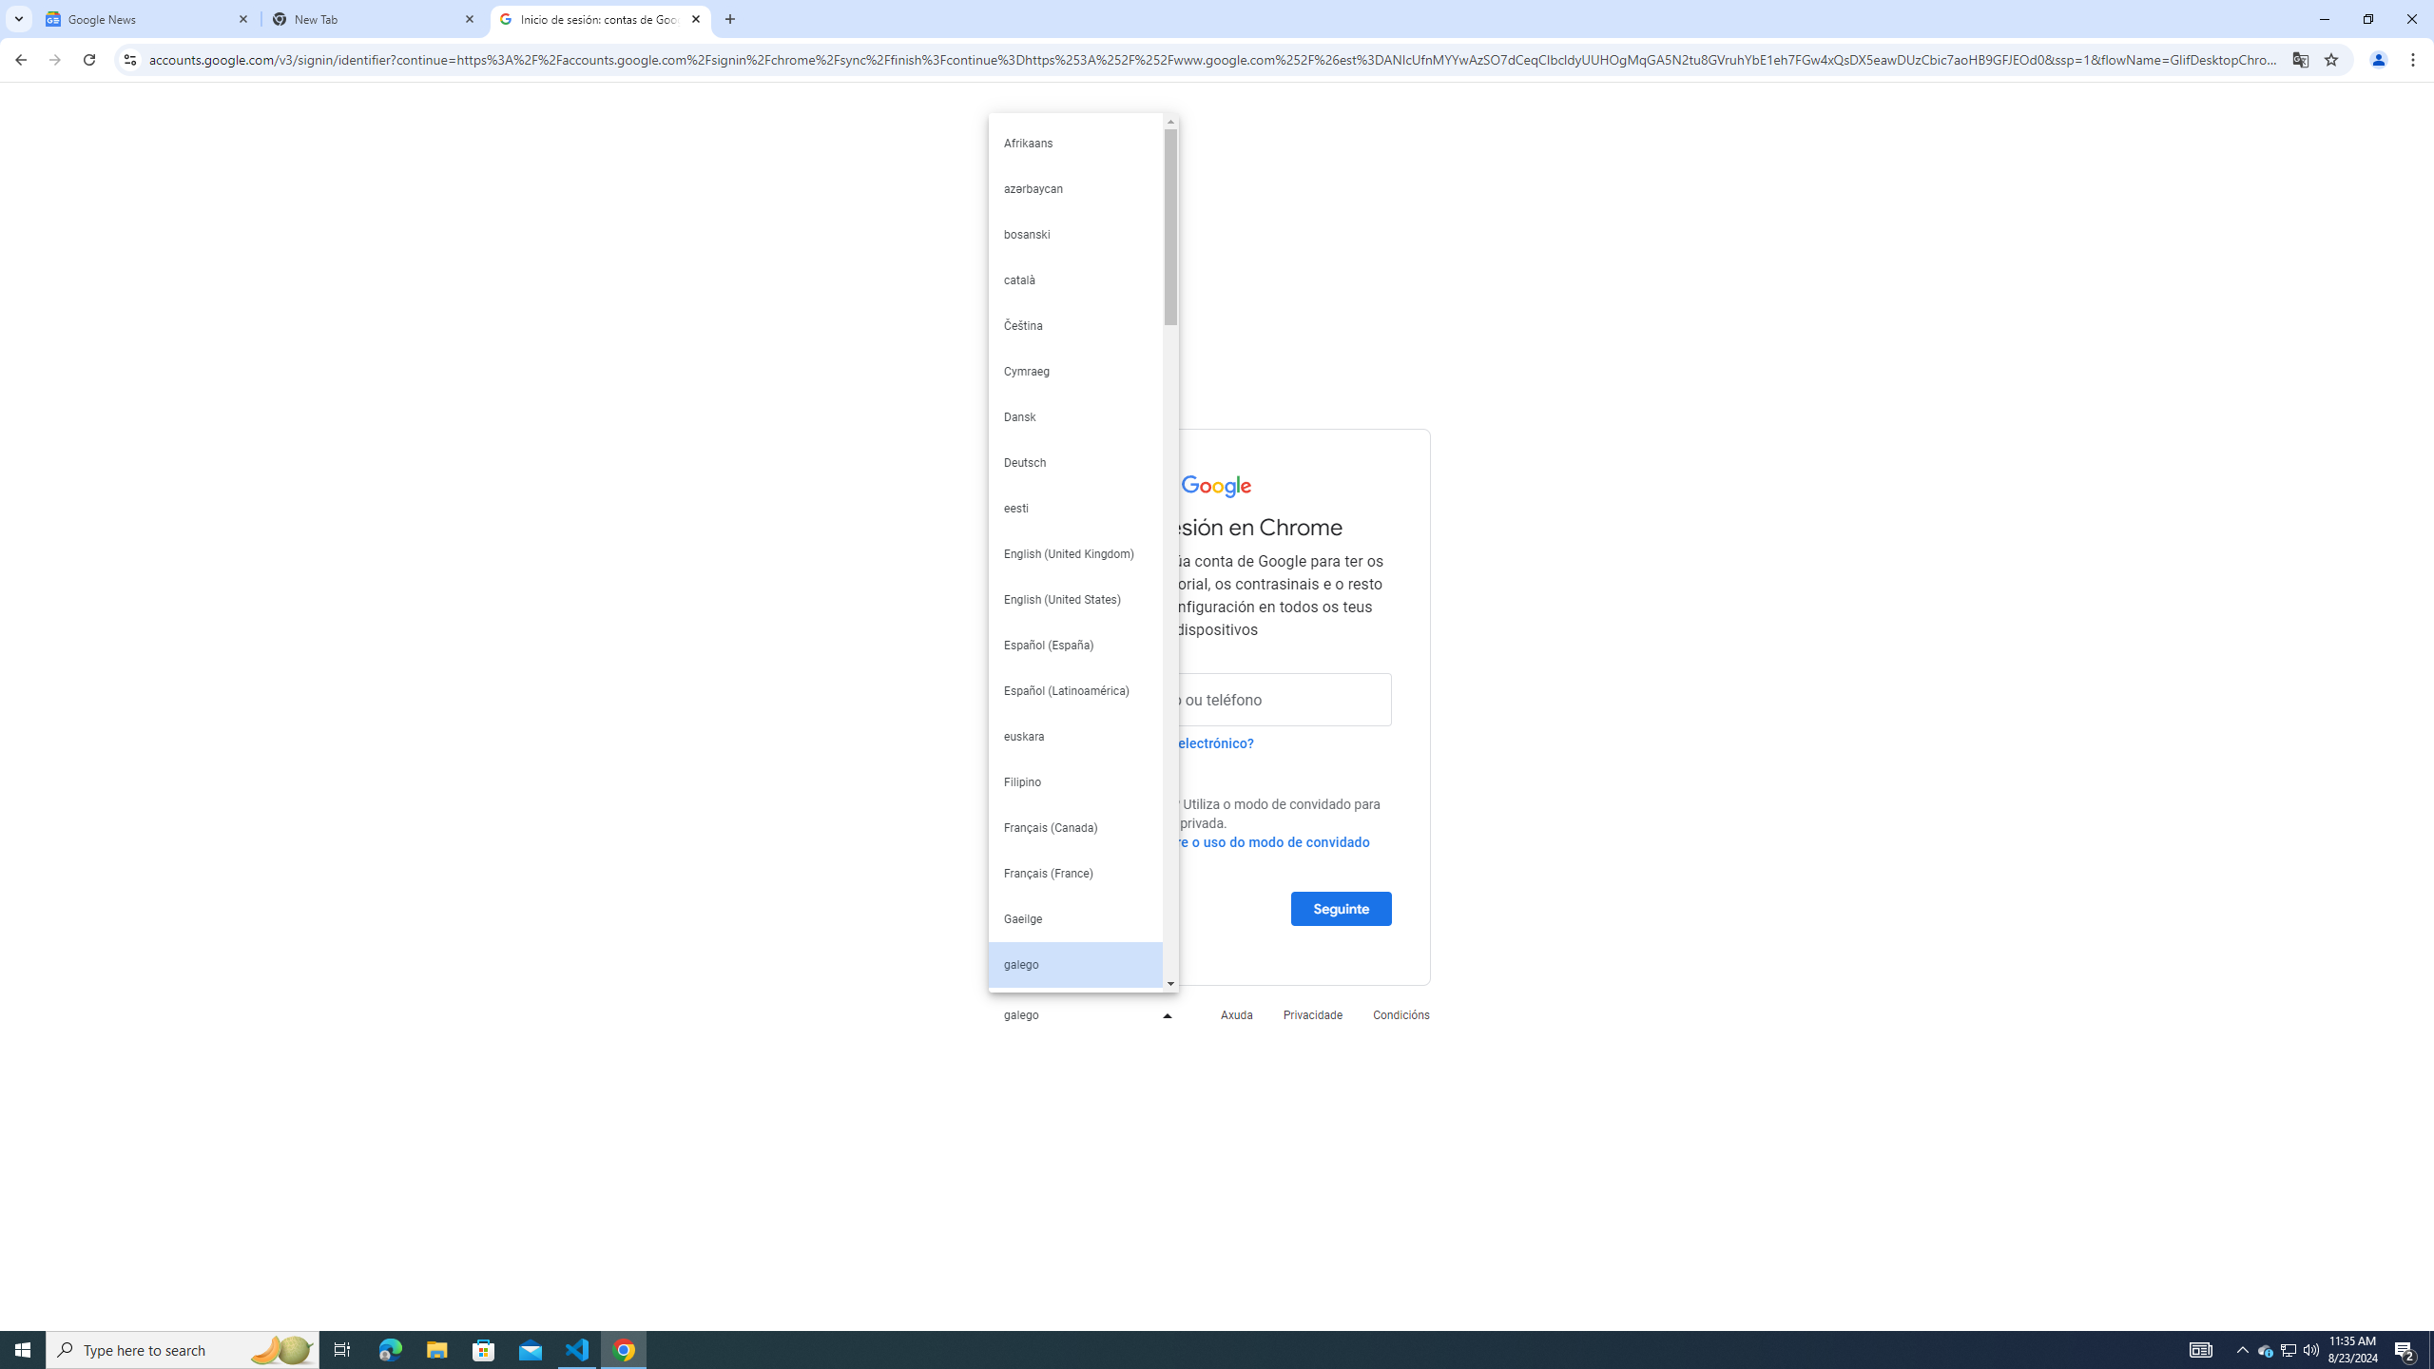 Image resolution: width=2434 pixels, height=1369 pixels. What do you see at coordinates (1074, 553) in the screenshot?
I see `'English (United Kingdom)'` at bounding box center [1074, 553].